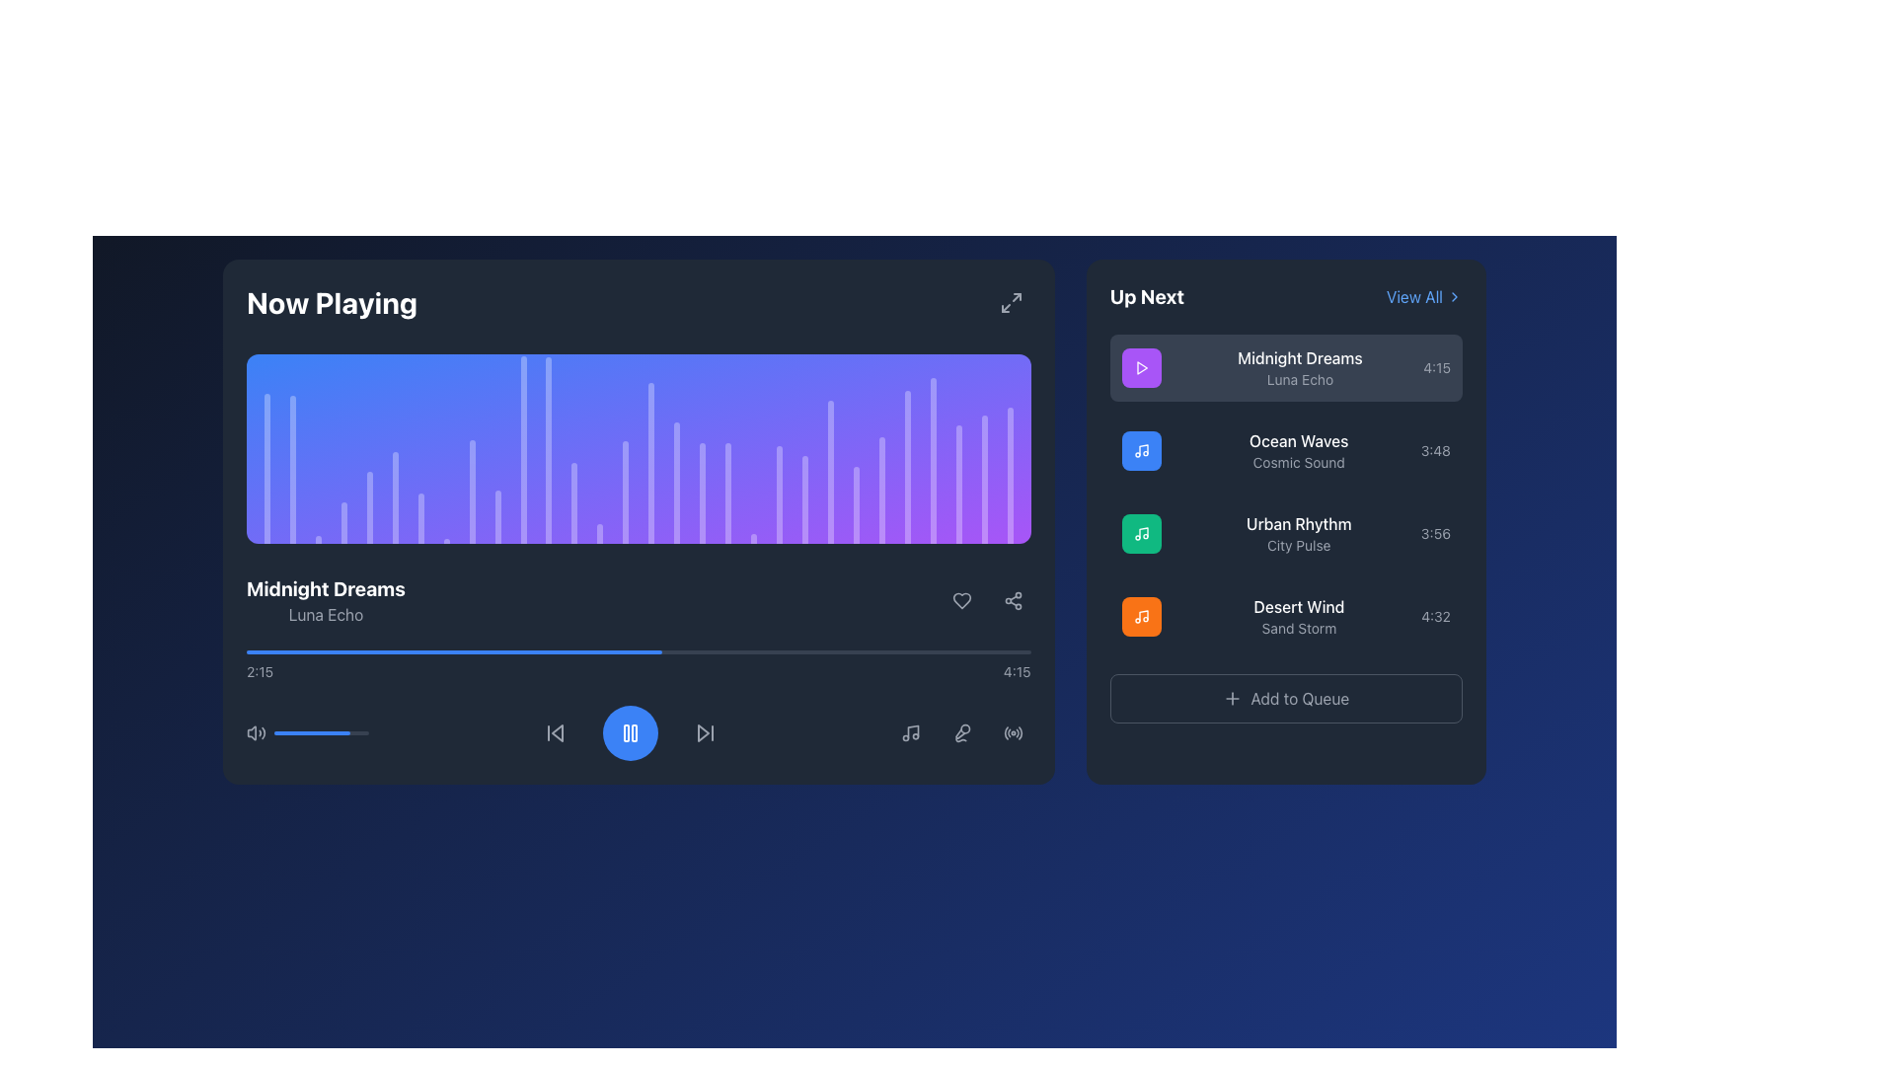 The width and height of the screenshot is (1895, 1066). Describe the element at coordinates (909, 733) in the screenshot. I see `the circular button with a musical note icon, which is the first button in a group of playback controls located at the bottom right of the interface` at that location.